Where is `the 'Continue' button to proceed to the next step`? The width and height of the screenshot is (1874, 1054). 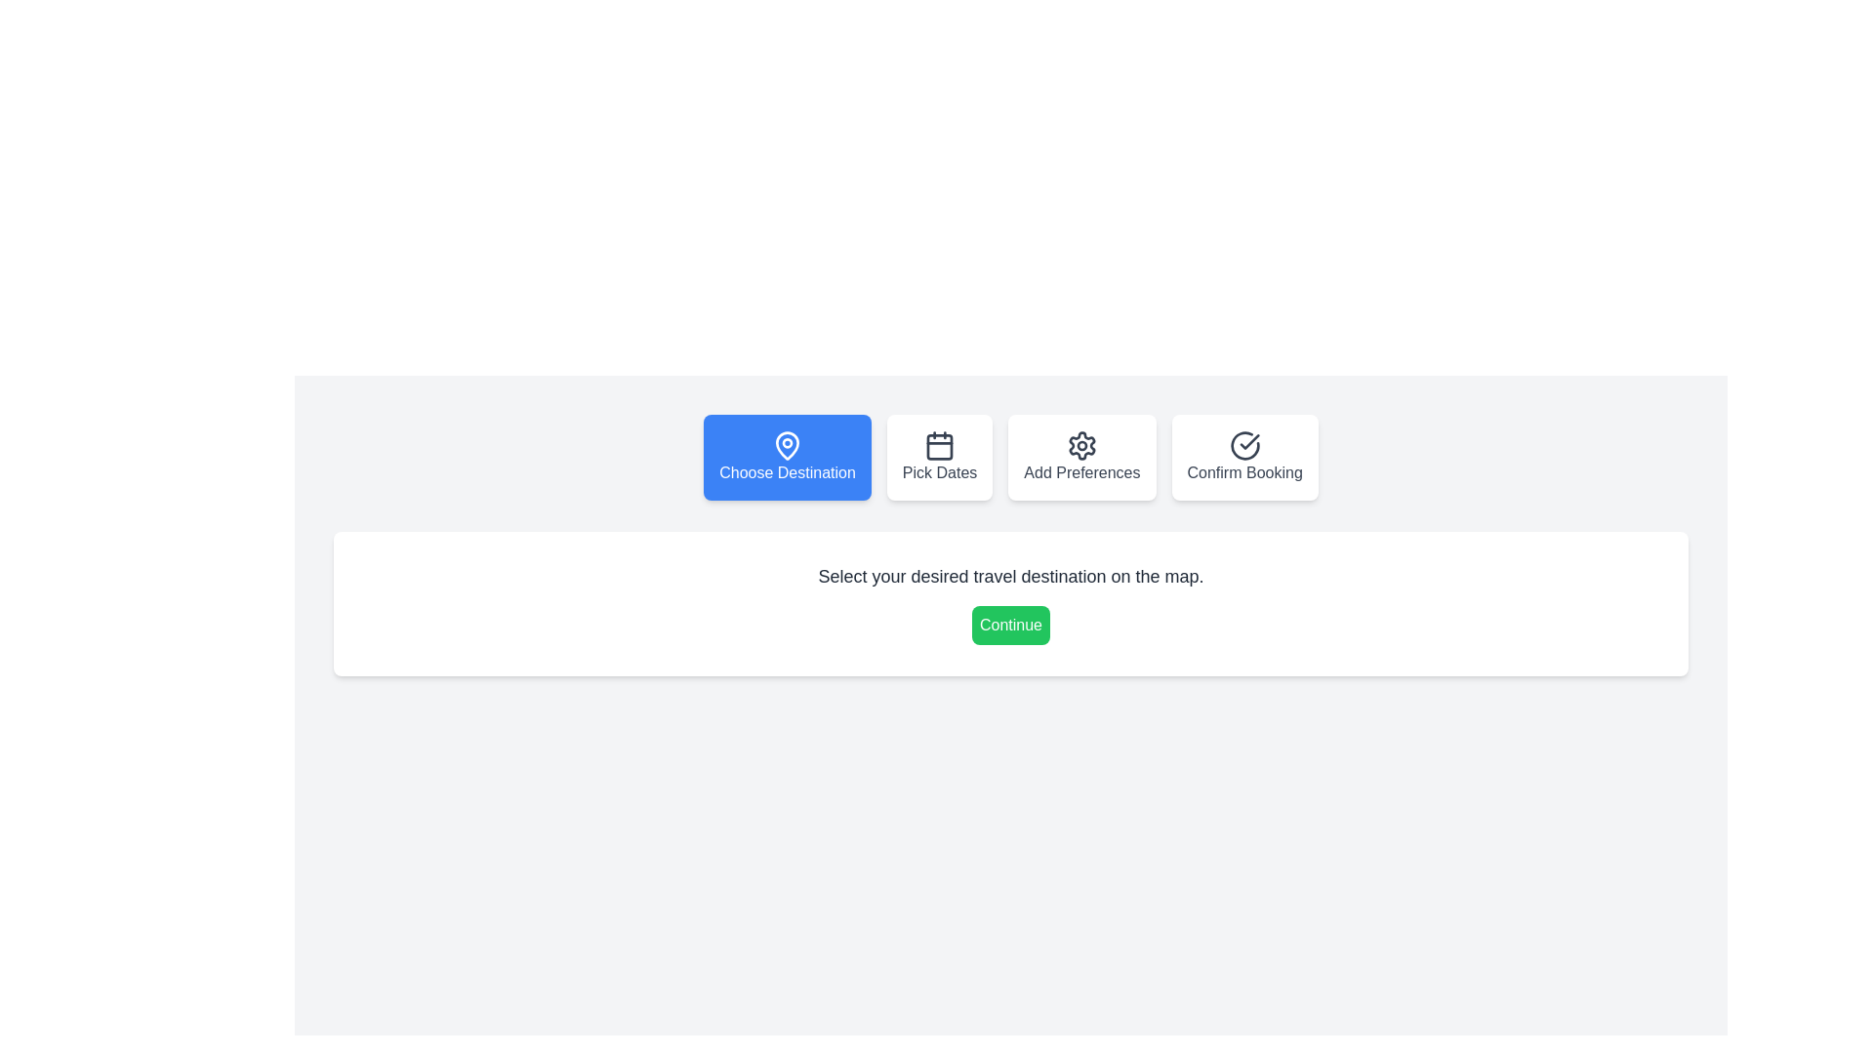
the 'Continue' button to proceed to the next step is located at coordinates (1011, 625).